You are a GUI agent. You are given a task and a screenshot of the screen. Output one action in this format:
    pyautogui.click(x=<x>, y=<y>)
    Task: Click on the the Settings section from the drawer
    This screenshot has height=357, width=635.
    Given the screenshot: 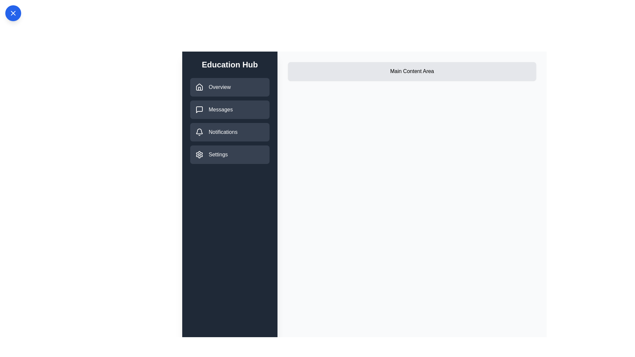 What is the action you would take?
    pyautogui.click(x=230, y=154)
    